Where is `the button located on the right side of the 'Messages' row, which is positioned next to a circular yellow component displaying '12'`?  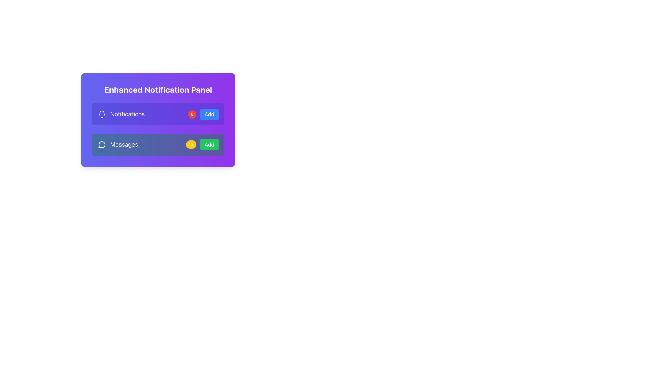
the button located on the right side of the 'Messages' row, which is positioned next to a circular yellow component displaying '12' is located at coordinates (209, 144).